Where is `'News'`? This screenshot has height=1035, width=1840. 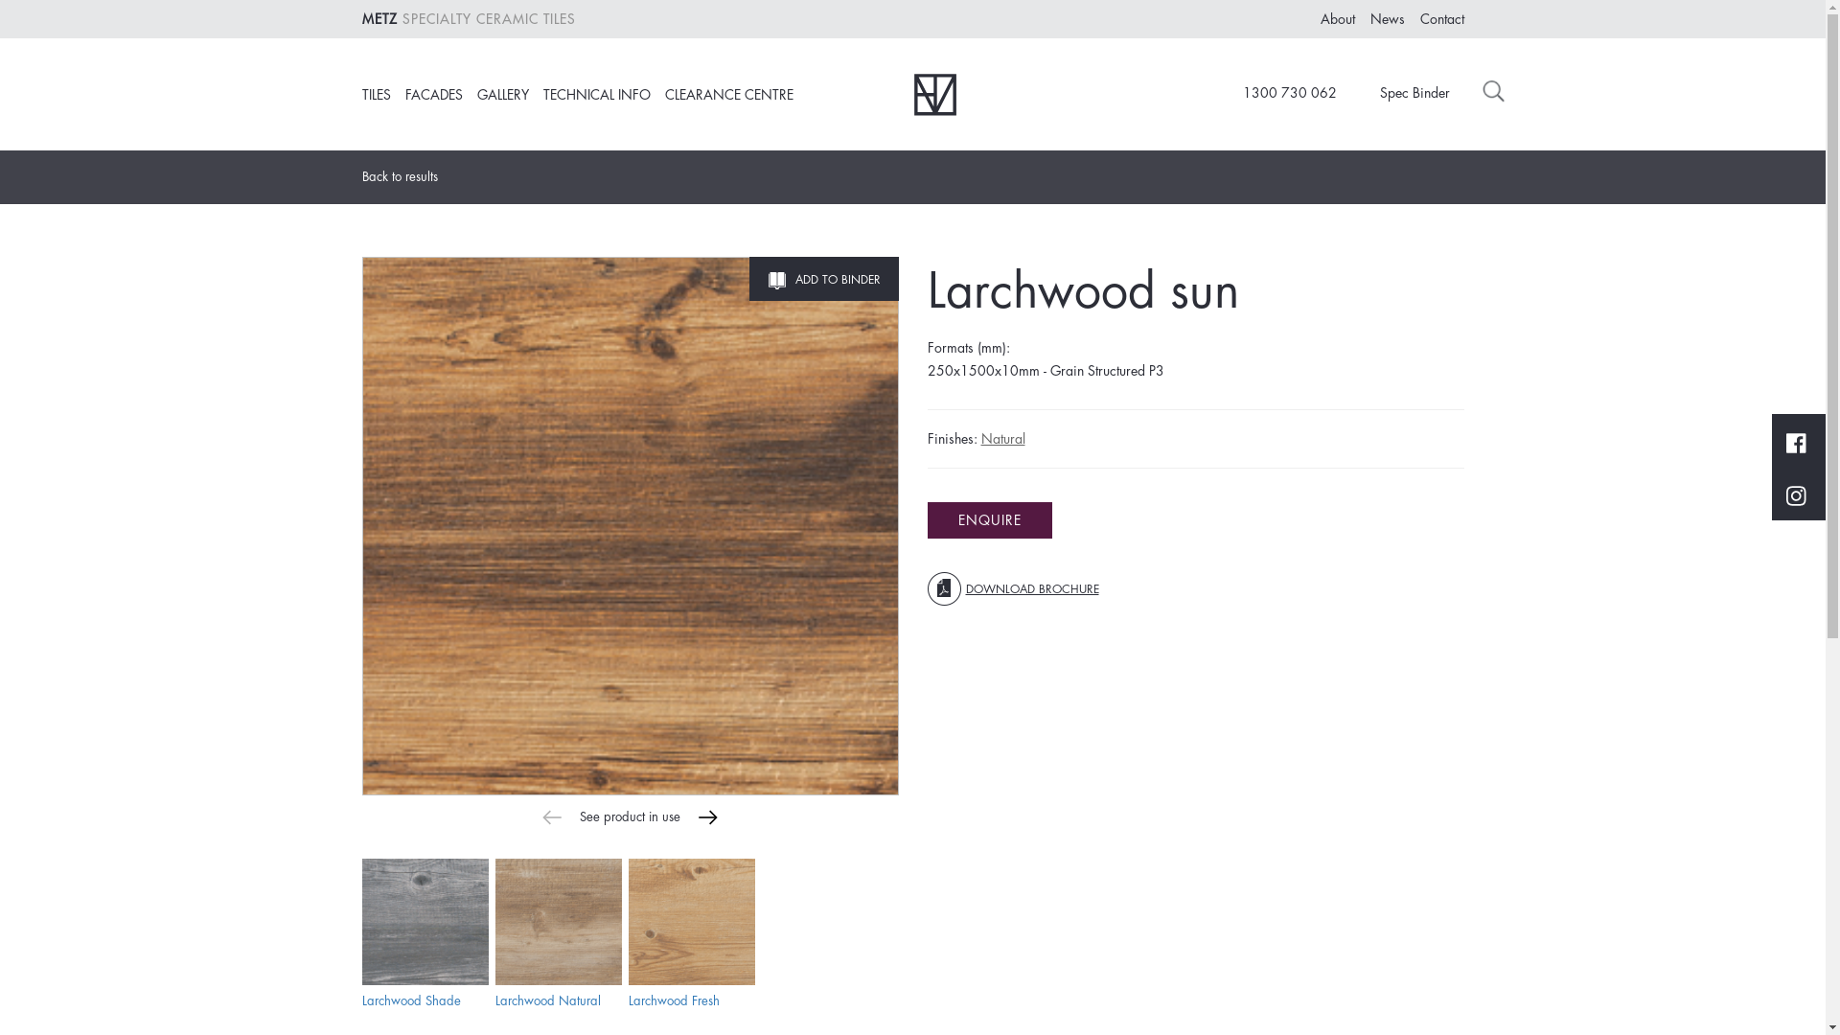 'News' is located at coordinates (1369, 18).